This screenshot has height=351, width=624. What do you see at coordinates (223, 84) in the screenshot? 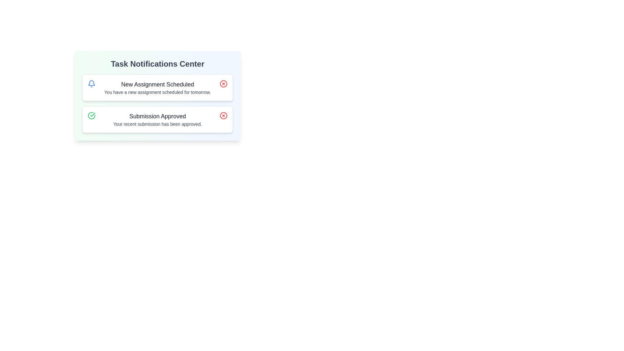
I see `the close button for the notification titled 'New Assignment Scheduled'` at bounding box center [223, 84].